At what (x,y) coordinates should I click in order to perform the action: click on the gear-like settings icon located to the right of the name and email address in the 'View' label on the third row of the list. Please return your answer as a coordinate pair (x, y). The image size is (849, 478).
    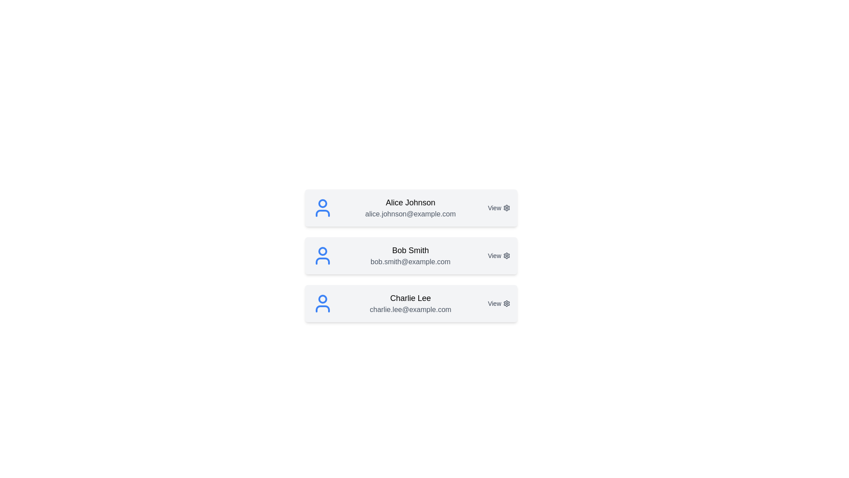
    Looking at the image, I should click on (506, 303).